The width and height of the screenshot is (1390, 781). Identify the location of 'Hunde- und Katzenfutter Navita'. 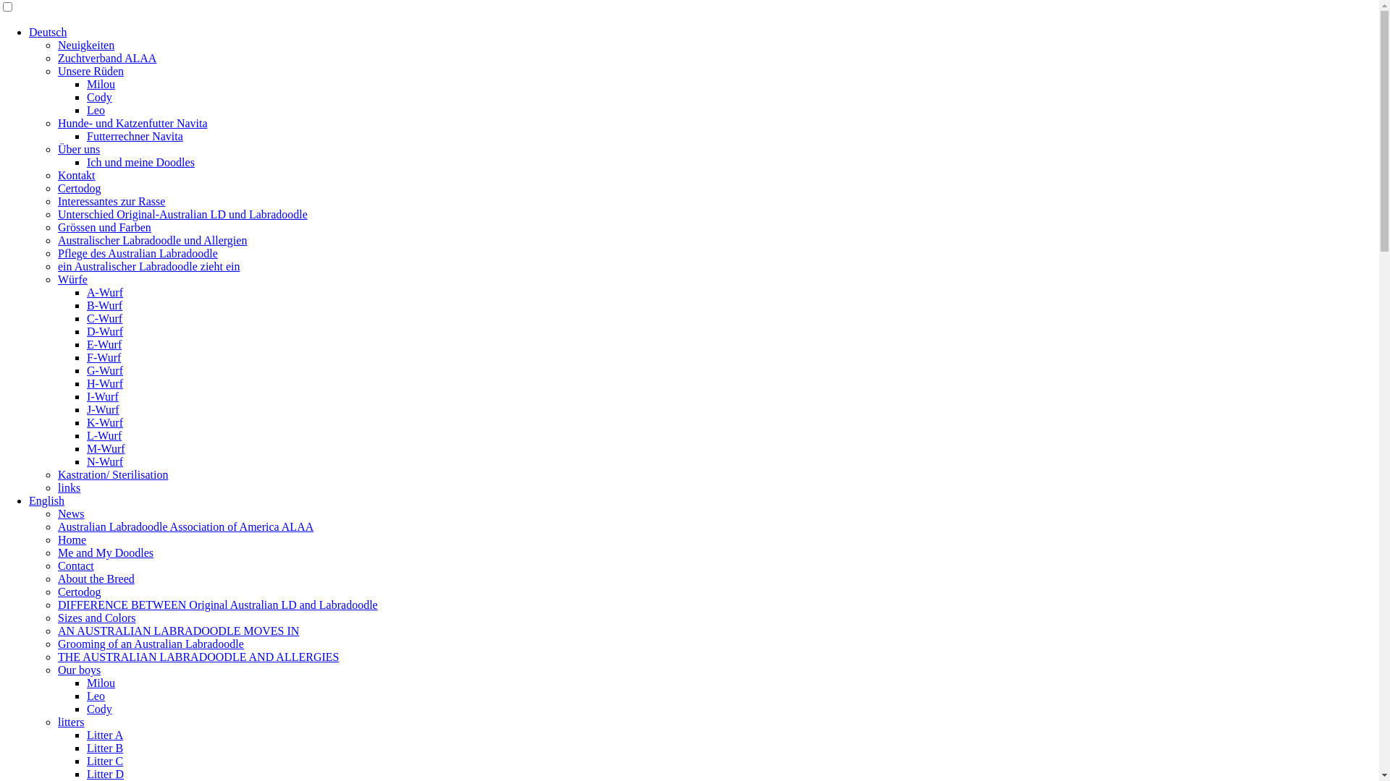
(58, 122).